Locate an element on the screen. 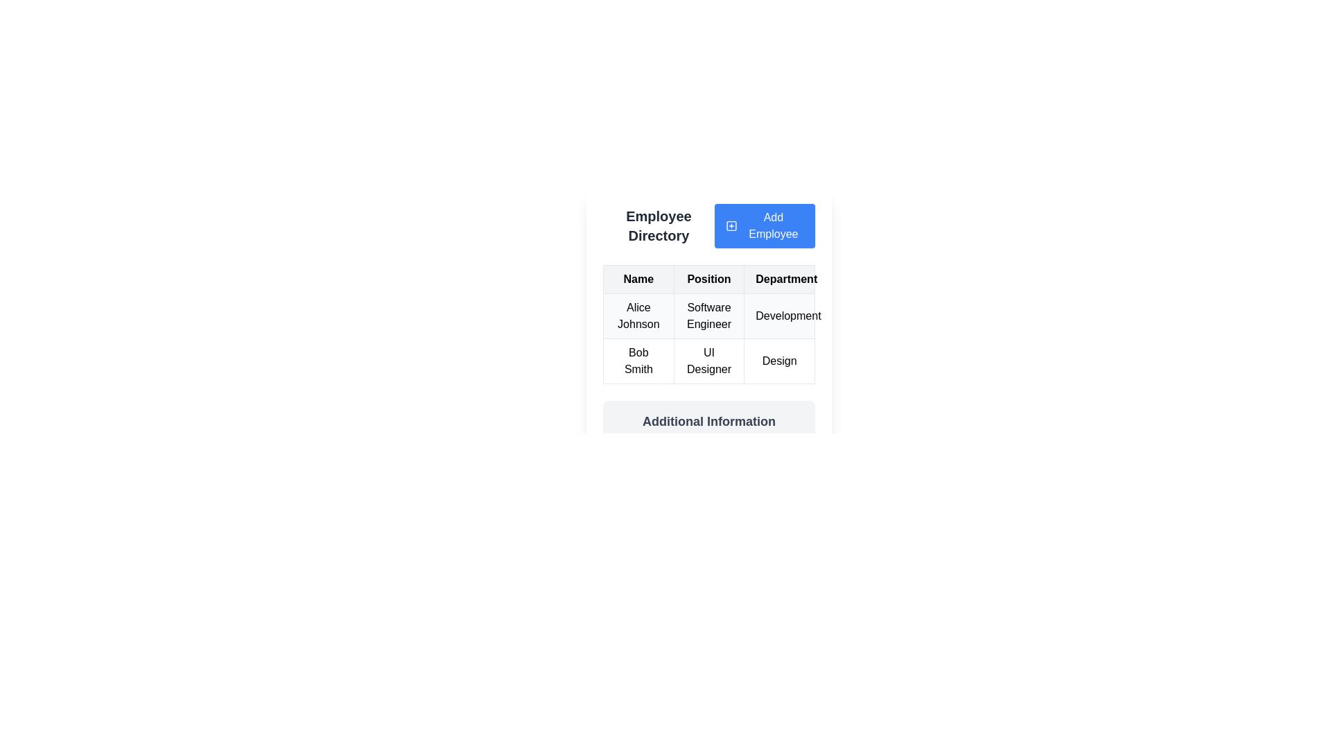 The width and height of the screenshot is (1331, 749). graphical icon component within the 'Add Employee' button located at the top right corner of the main content area is located at coordinates (731, 225).